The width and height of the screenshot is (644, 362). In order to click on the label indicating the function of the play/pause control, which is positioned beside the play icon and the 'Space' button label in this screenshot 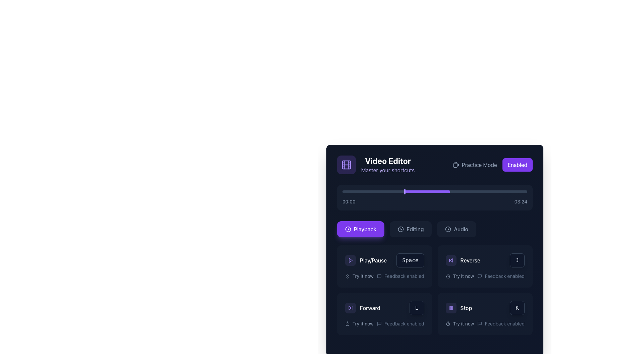, I will do `click(373, 260)`.